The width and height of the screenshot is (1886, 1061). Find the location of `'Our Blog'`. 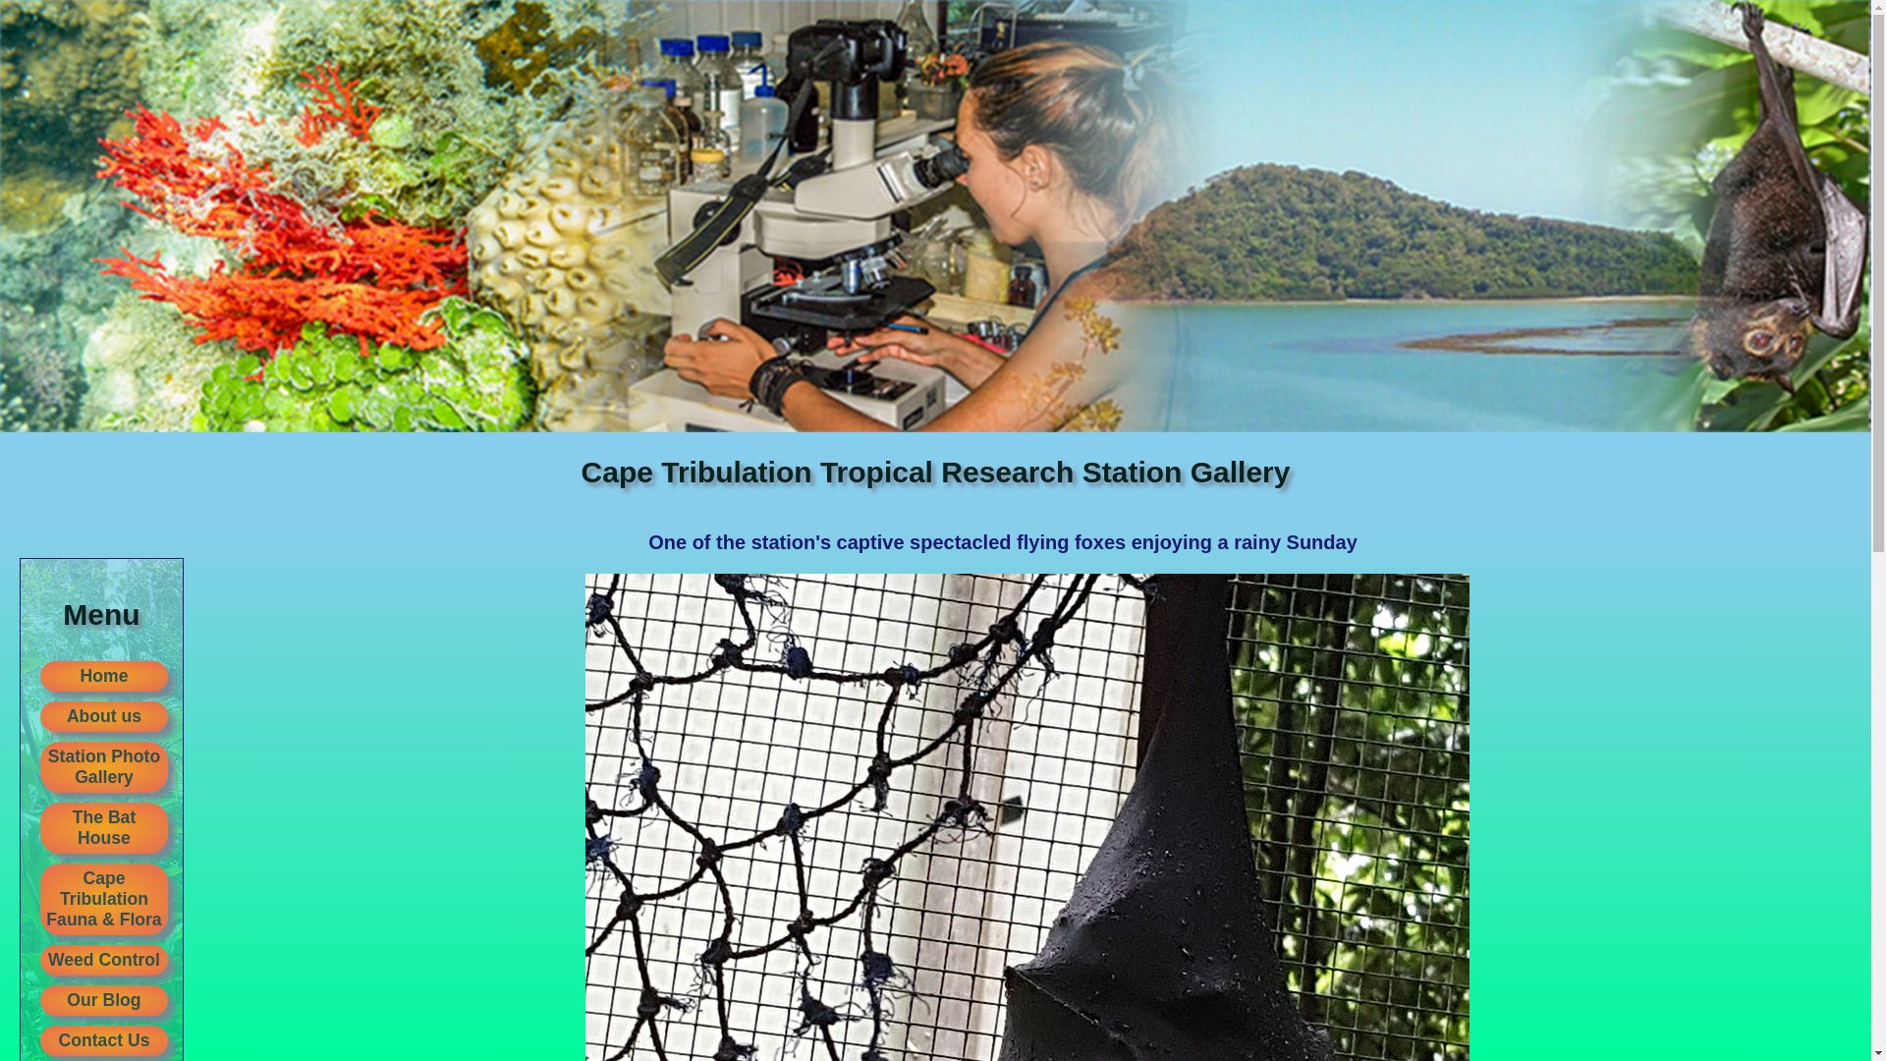

'Our Blog' is located at coordinates (102, 1000).